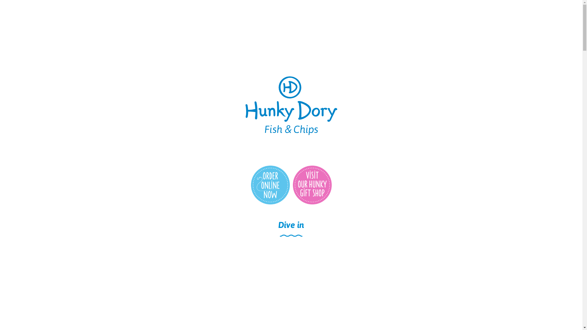 The width and height of the screenshot is (587, 330). What do you see at coordinates (291, 225) in the screenshot?
I see `'Dive in'` at bounding box center [291, 225].